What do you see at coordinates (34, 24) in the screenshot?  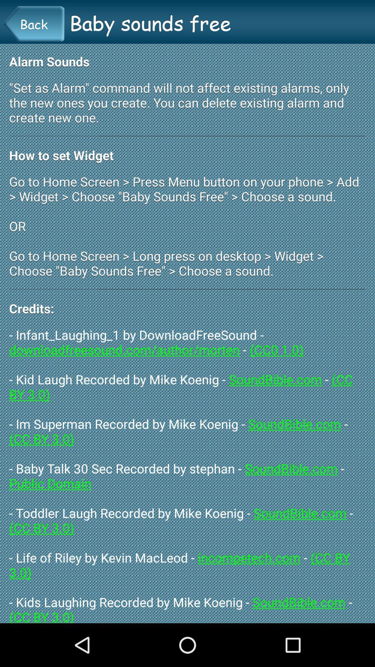 I see `the back button` at bounding box center [34, 24].